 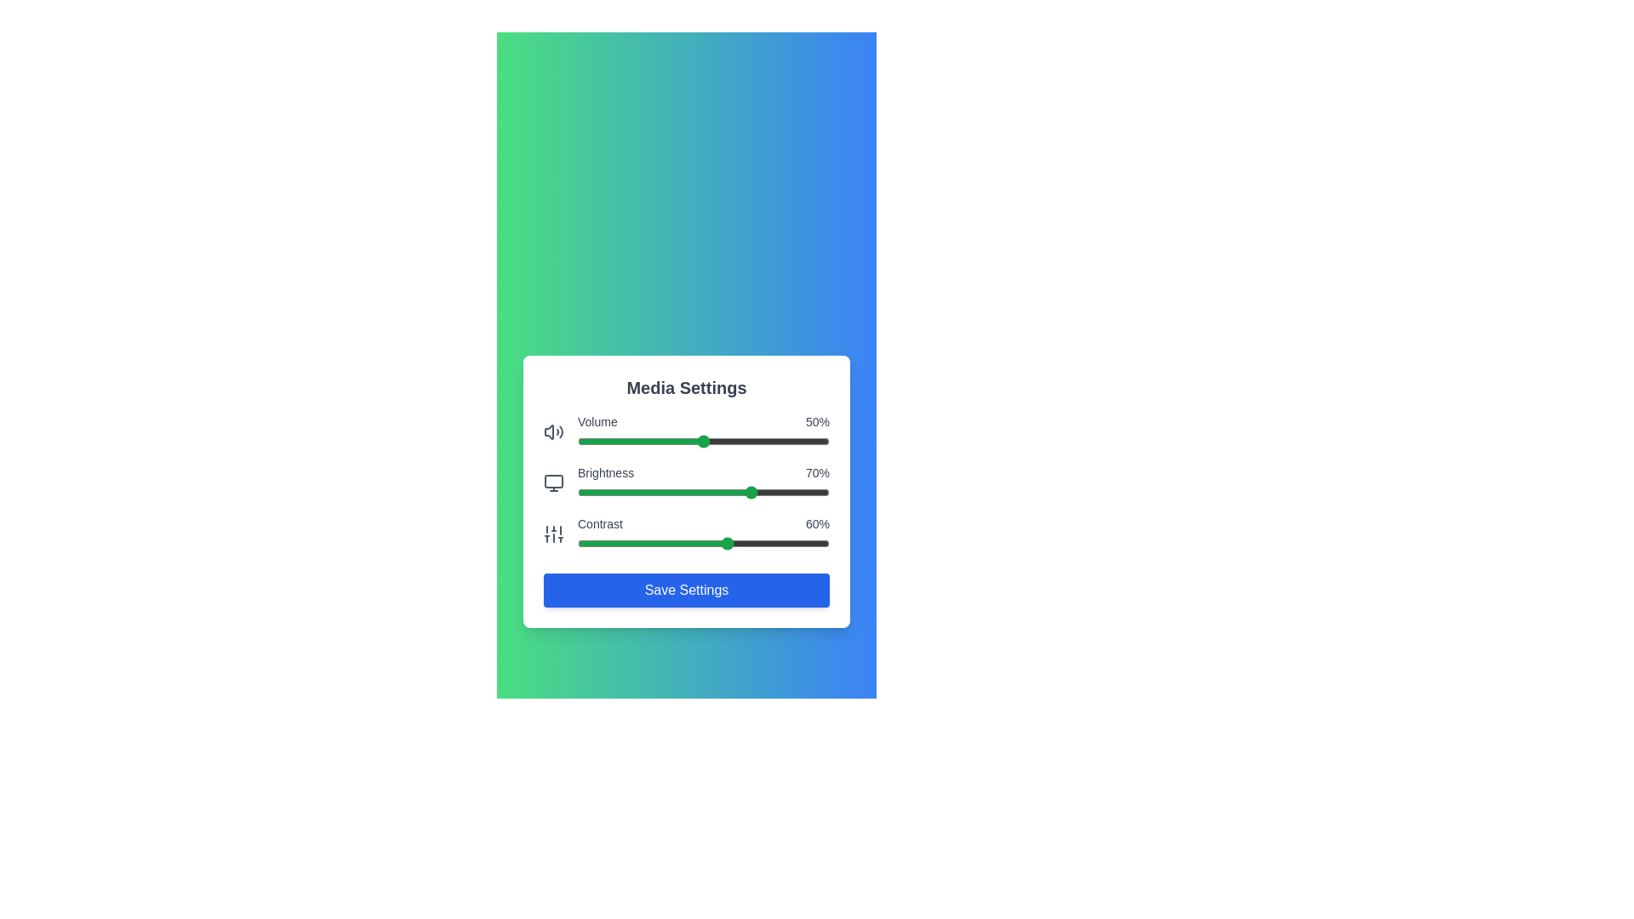 What do you see at coordinates (554, 431) in the screenshot?
I see `the volume icon to interact with it` at bounding box center [554, 431].